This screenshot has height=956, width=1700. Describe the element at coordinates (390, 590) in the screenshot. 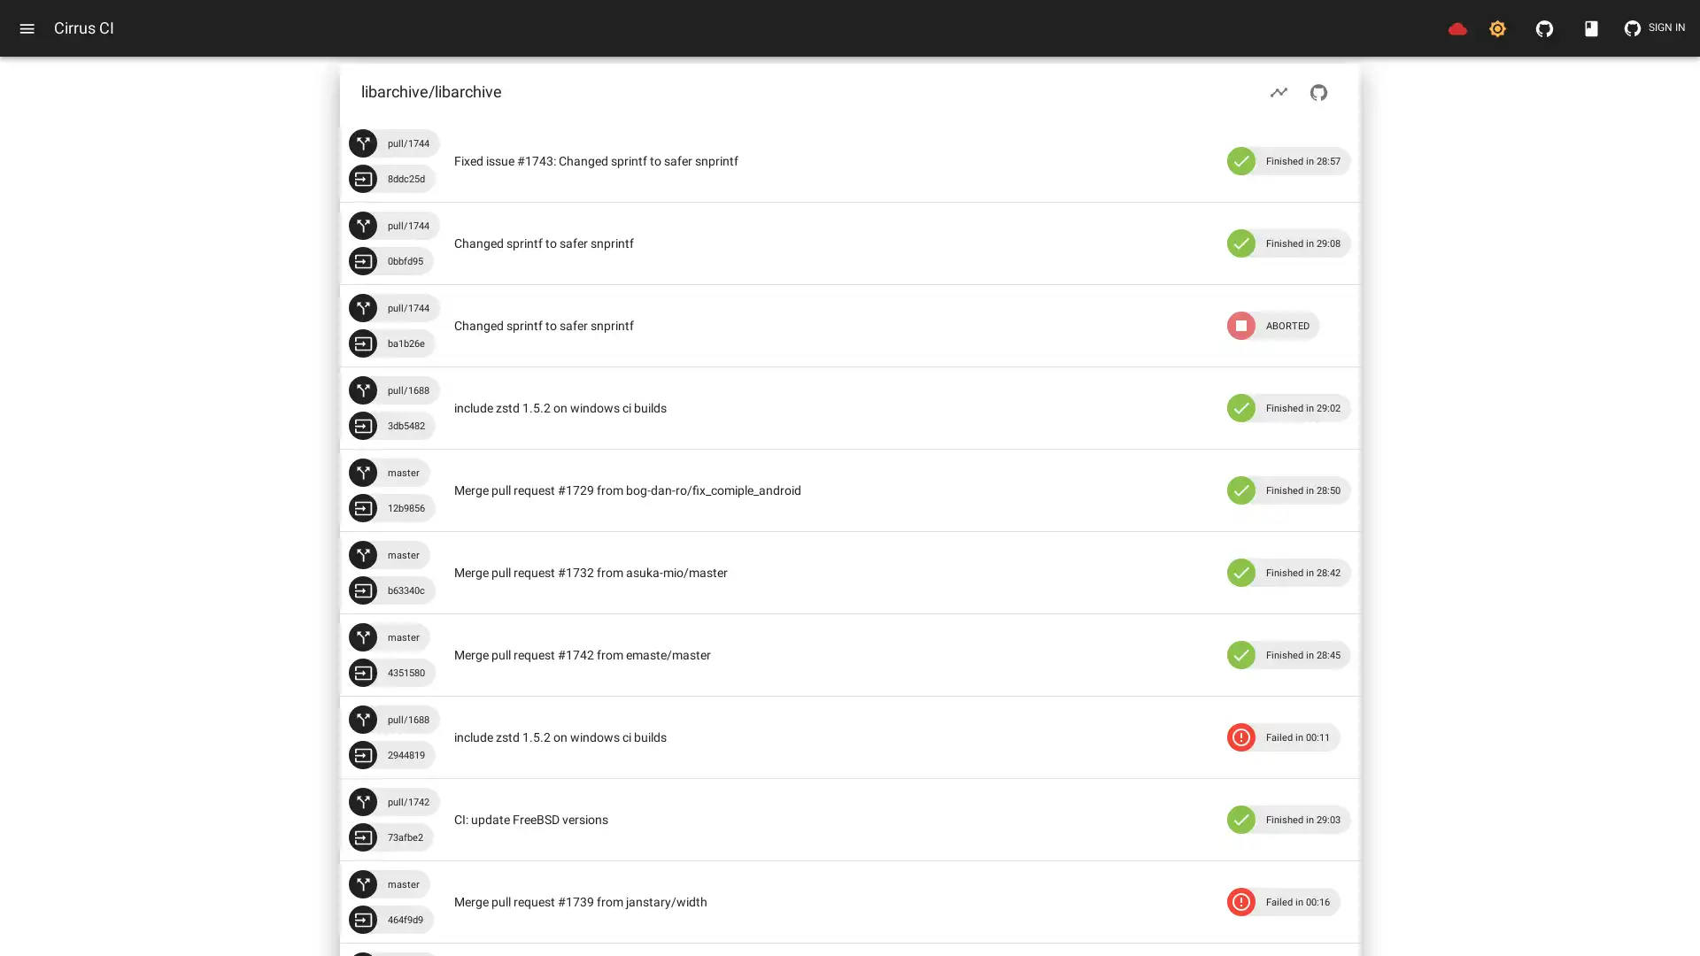

I see `b63340c` at that location.